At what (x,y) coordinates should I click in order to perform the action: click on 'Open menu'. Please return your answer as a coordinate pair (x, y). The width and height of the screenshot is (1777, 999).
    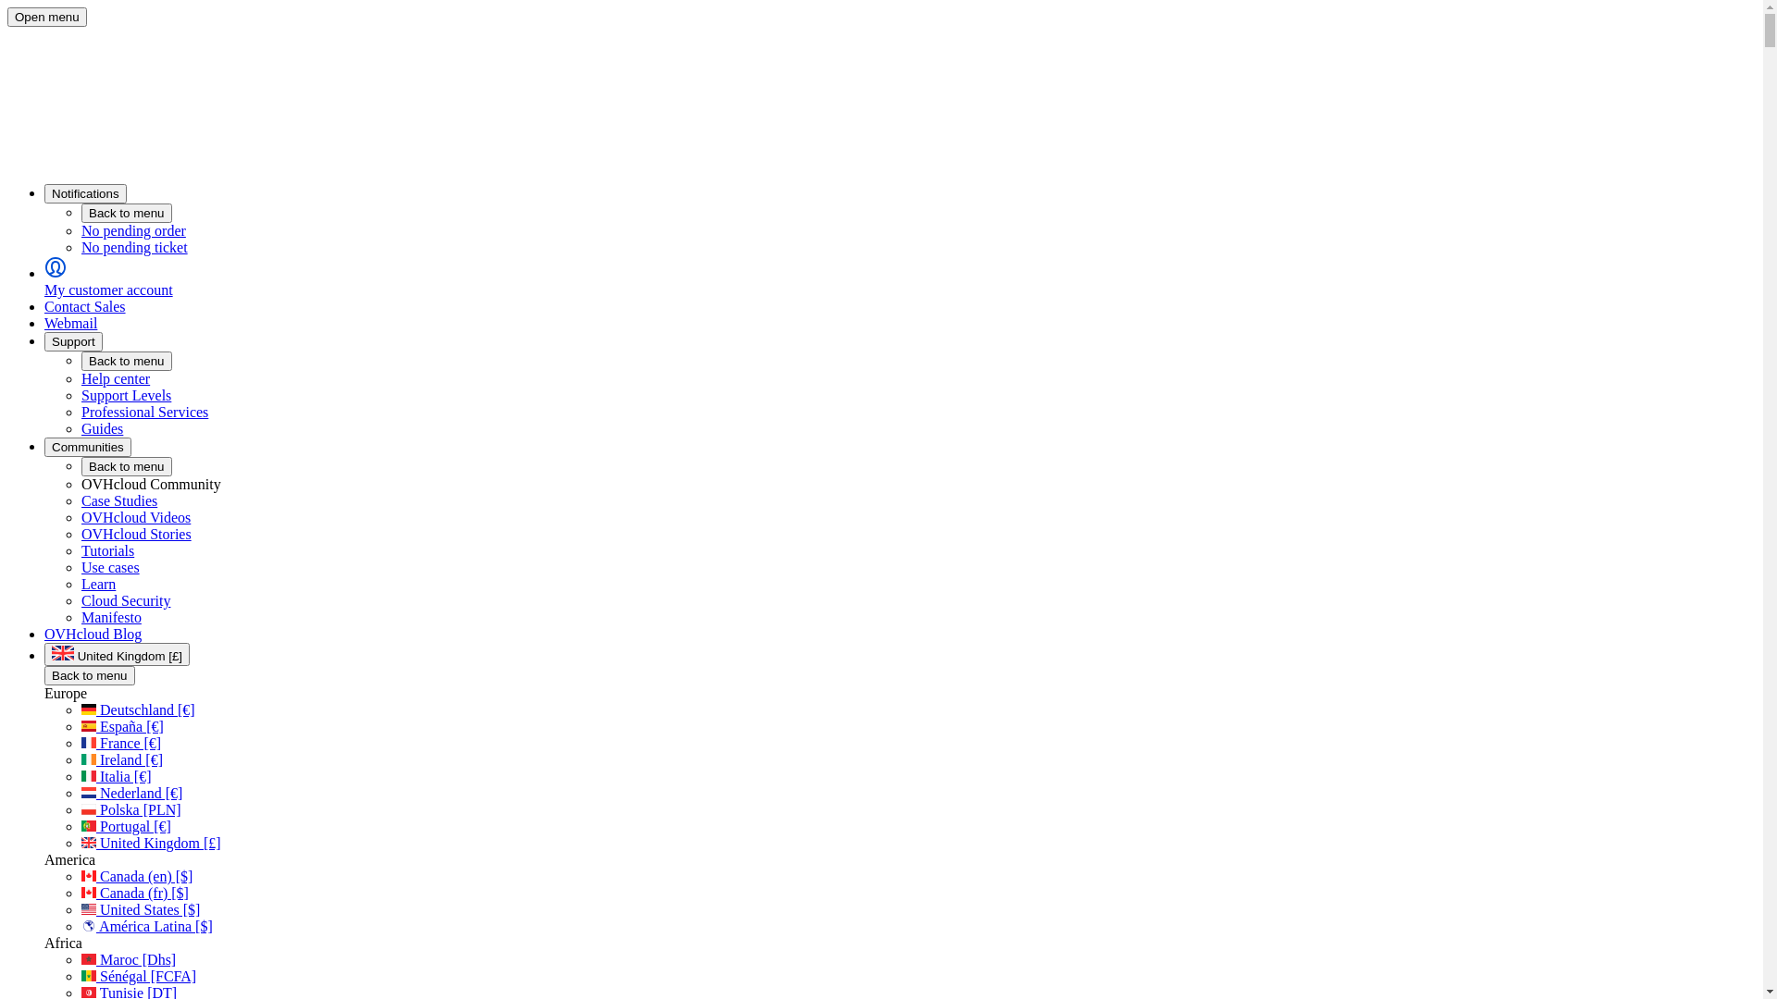
    Looking at the image, I should click on (7, 17).